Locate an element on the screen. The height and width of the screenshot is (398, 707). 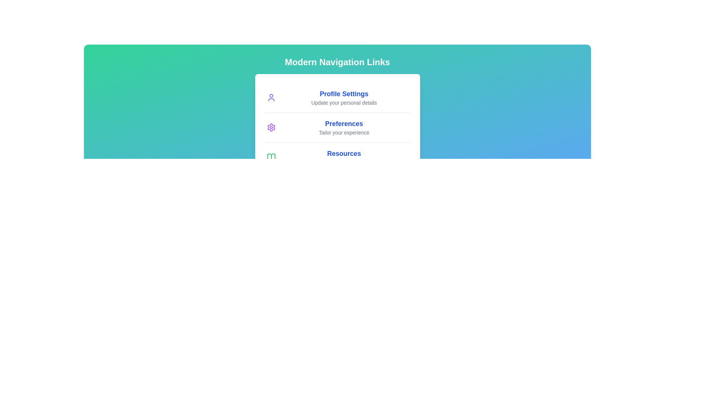
the first Navigation link item in the vertical navigation menu under 'Modern Navigation Links' is located at coordinates (337, 97).